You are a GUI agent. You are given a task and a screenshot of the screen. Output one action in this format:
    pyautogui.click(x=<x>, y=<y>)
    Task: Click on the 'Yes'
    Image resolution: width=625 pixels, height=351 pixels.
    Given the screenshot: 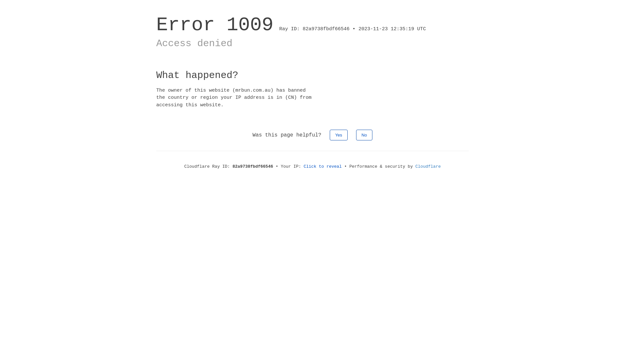 What is the action you would take?
    pyautogui.click(x=339, y=135)
    